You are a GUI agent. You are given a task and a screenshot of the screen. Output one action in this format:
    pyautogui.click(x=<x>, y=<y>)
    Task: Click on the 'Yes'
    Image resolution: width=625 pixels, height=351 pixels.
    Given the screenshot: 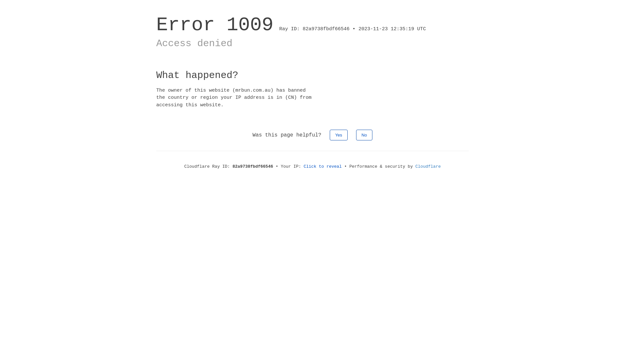 What is the action you would take?
    pyautogui.click(x=339, y=135)
    